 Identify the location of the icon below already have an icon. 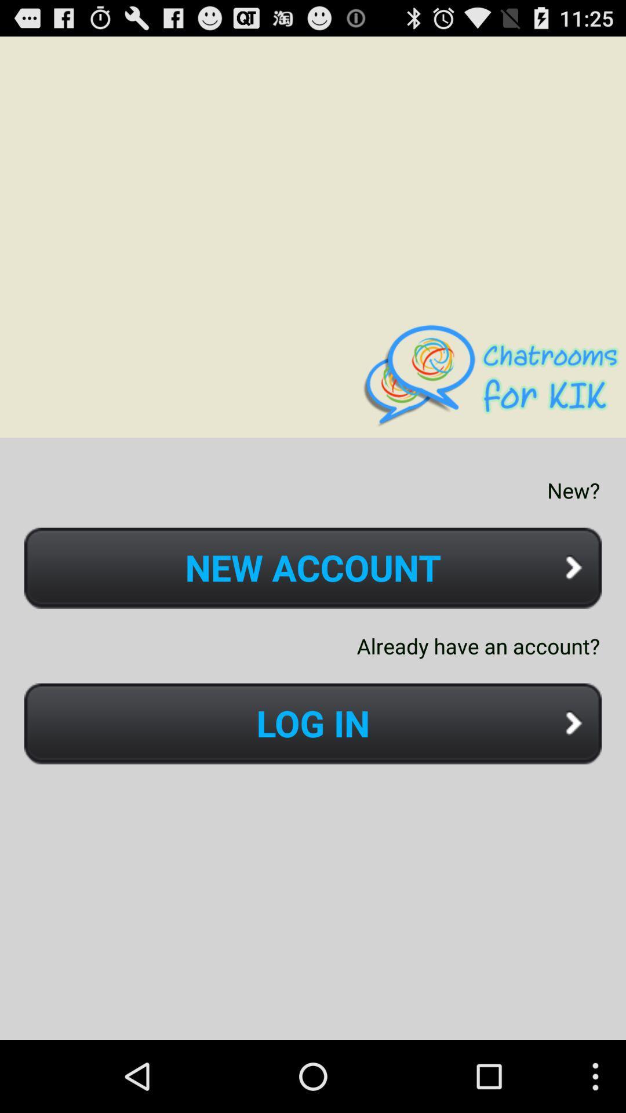
(313, 723).